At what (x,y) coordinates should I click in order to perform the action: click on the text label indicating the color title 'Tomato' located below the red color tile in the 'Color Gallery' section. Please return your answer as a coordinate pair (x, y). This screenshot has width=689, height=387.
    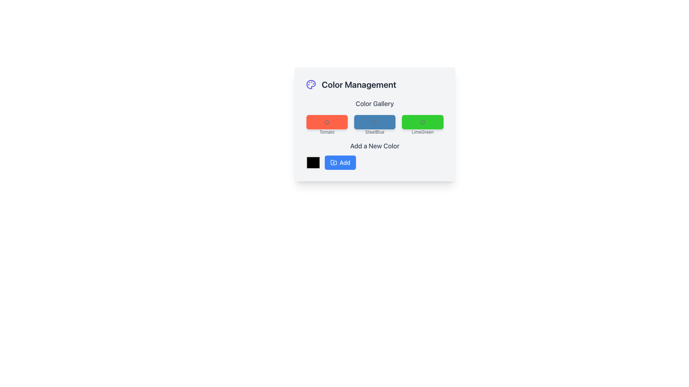
    Looking at the image, I should click on (327, 132).